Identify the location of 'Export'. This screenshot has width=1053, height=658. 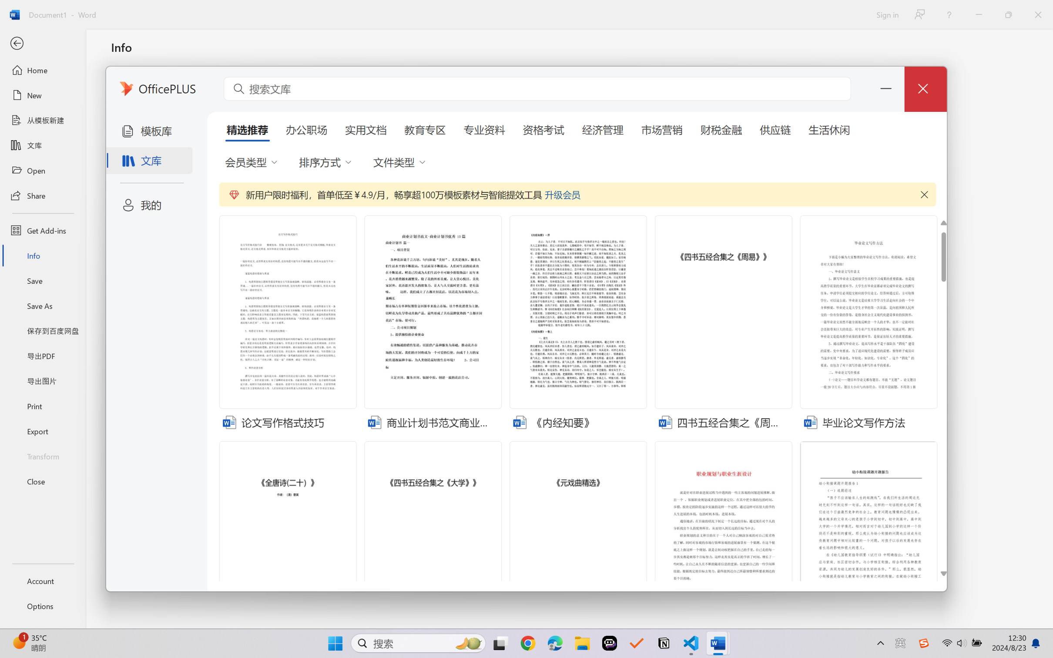
(42, 430).